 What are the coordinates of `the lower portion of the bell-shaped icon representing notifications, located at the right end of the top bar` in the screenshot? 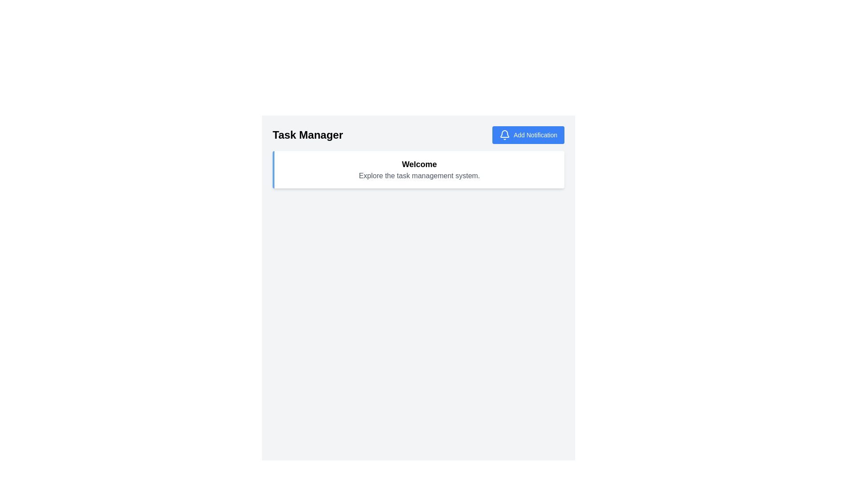 It's located at (504, 134).